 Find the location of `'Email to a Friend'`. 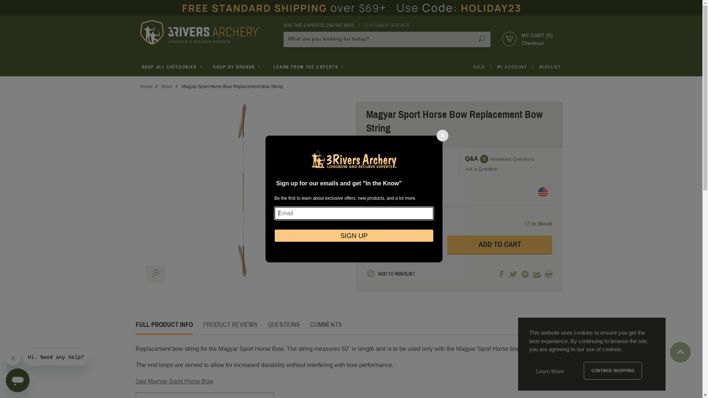

'Email to a Friend' is located at coordinates (537, 275).